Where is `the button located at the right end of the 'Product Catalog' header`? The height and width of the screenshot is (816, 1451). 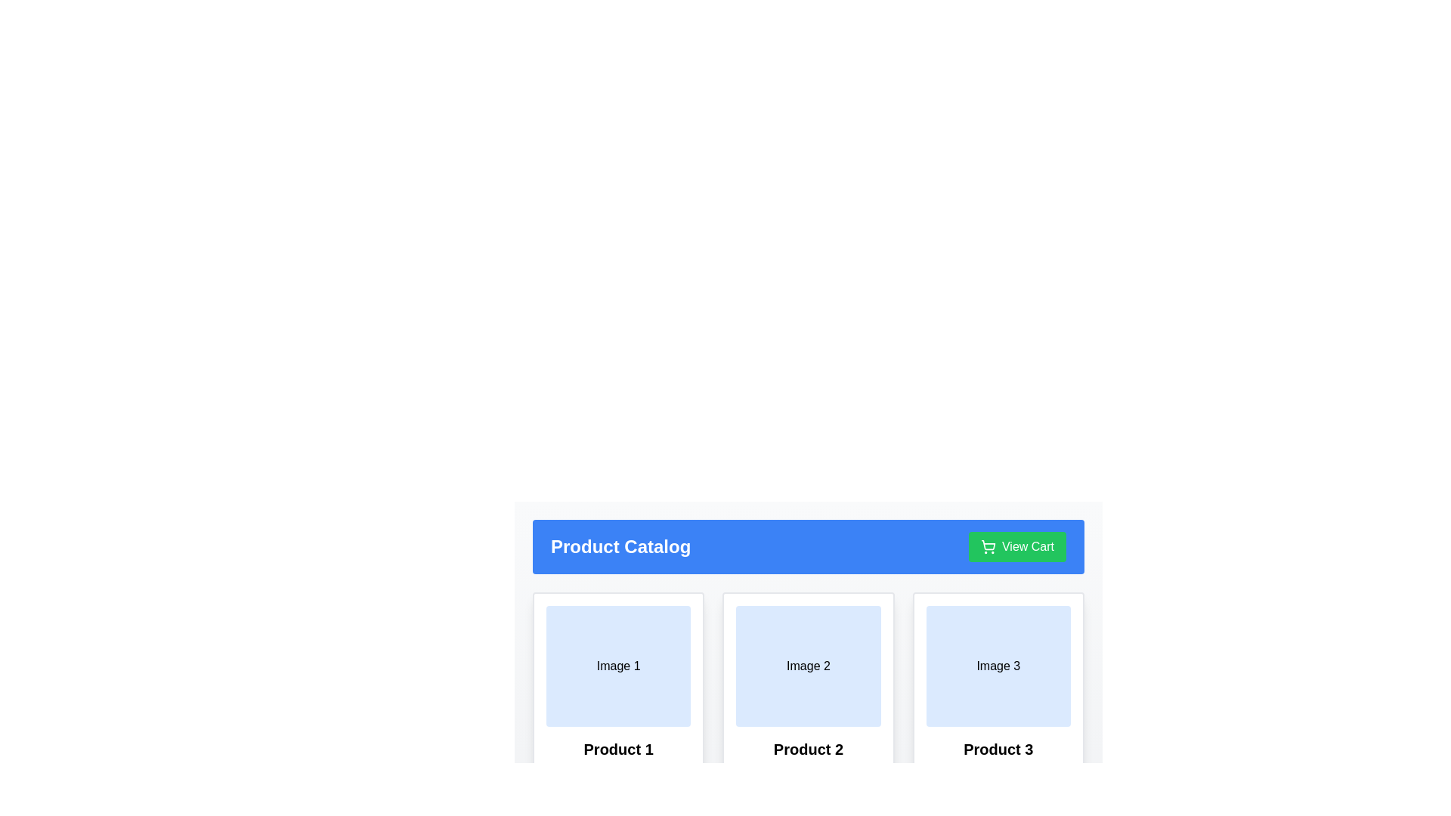 the button located at the right end of the 'Product Catalog' header is located at coordinates (1017, 547).